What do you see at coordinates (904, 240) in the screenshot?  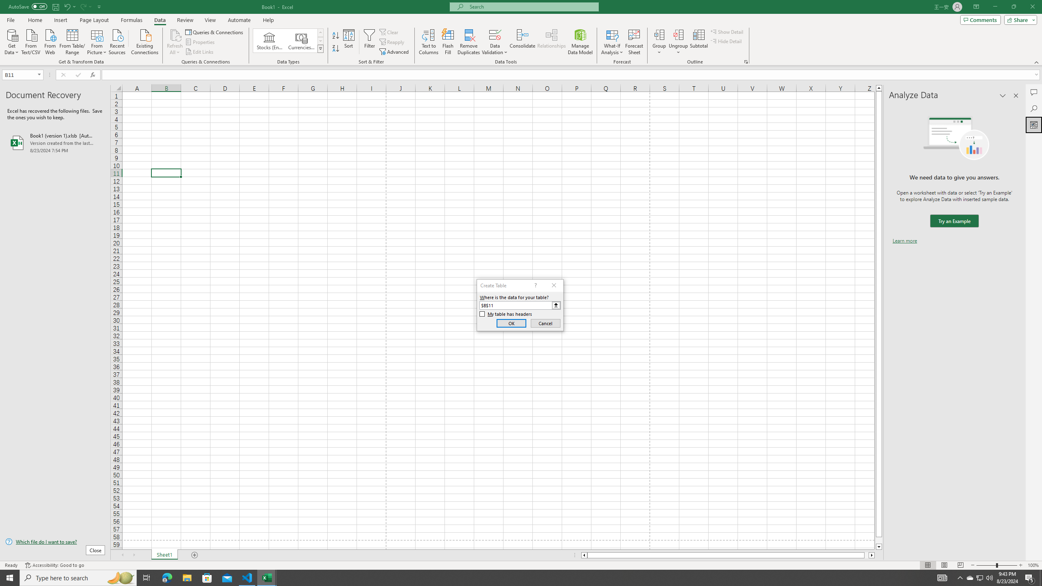 I see `'Learn more'` at bounding box center [904, 240].